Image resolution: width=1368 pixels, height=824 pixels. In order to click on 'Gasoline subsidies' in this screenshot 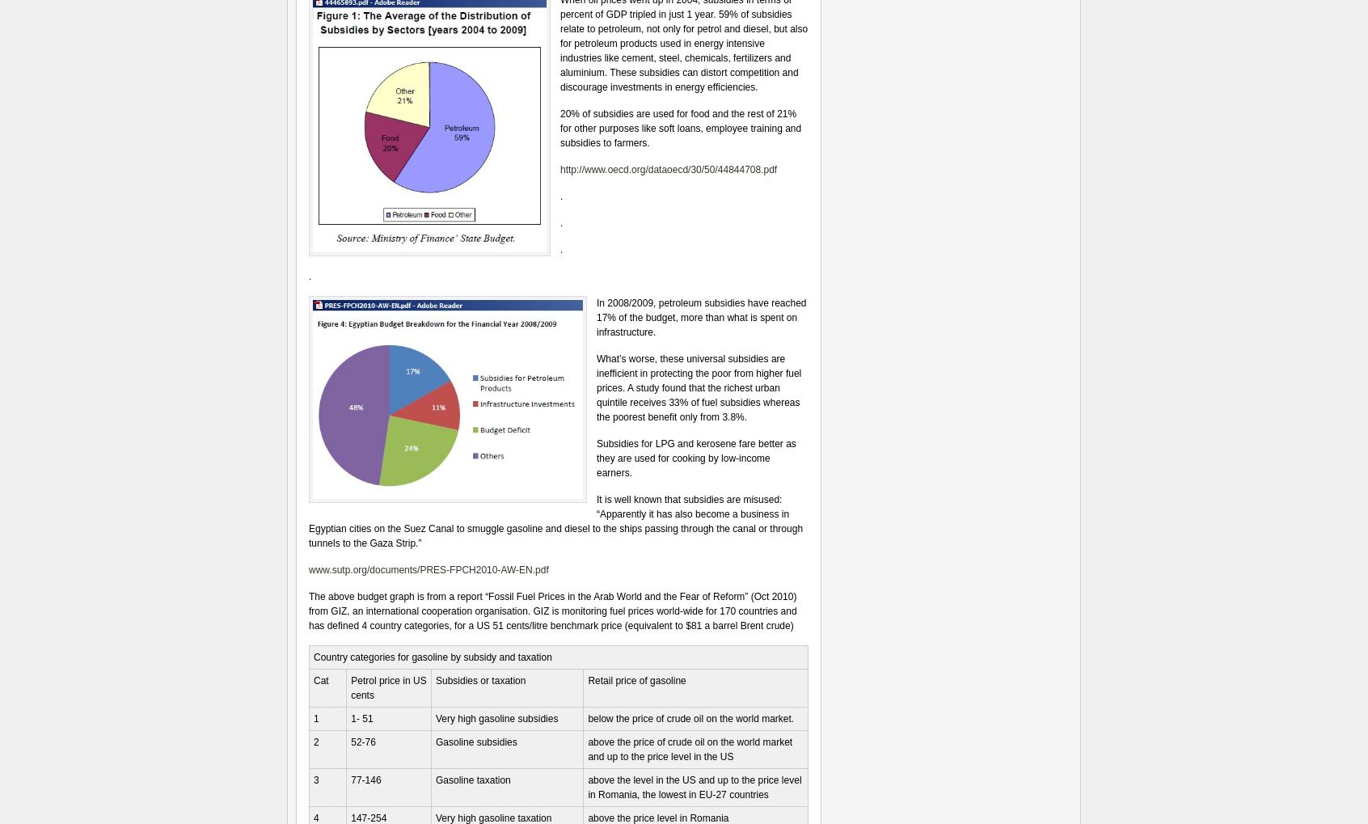, I will do `click(475, 742)`.